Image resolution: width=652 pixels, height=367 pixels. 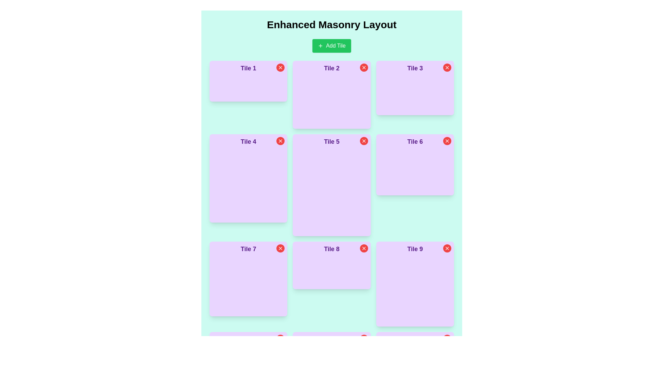 What do you see at coordinates (248, 81) in the screenshot?
I see `the tile labeled 'Tile 1'` at bounding box center [248, 81].